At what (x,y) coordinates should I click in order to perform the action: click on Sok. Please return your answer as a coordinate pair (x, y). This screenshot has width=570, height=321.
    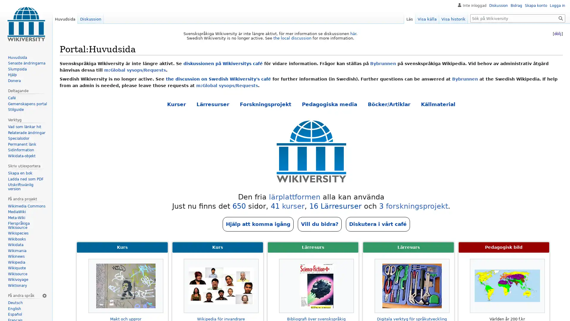
    Looking at the image, I should click on (560, 18).